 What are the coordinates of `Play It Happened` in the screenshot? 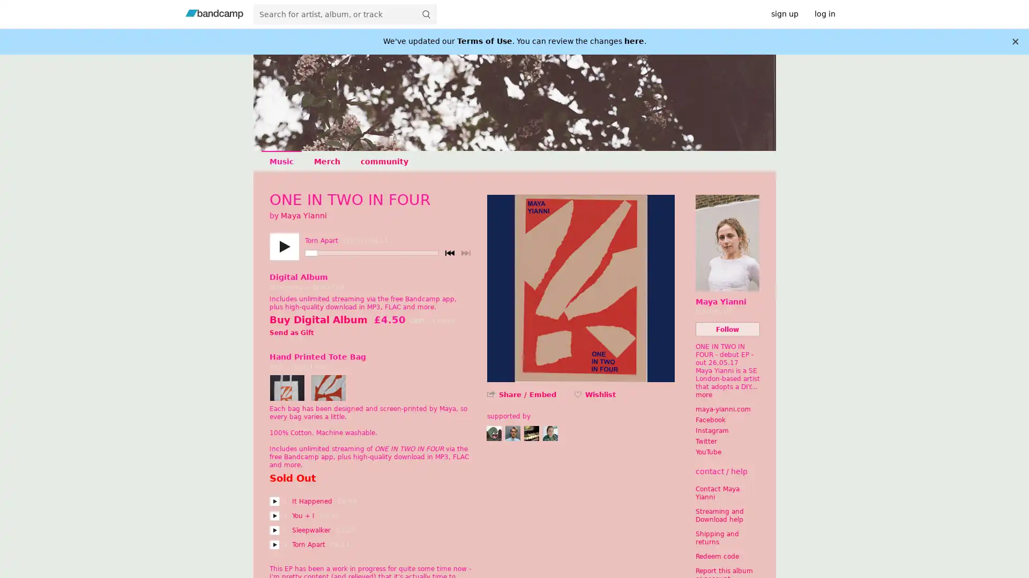 It's located at (274, 501).